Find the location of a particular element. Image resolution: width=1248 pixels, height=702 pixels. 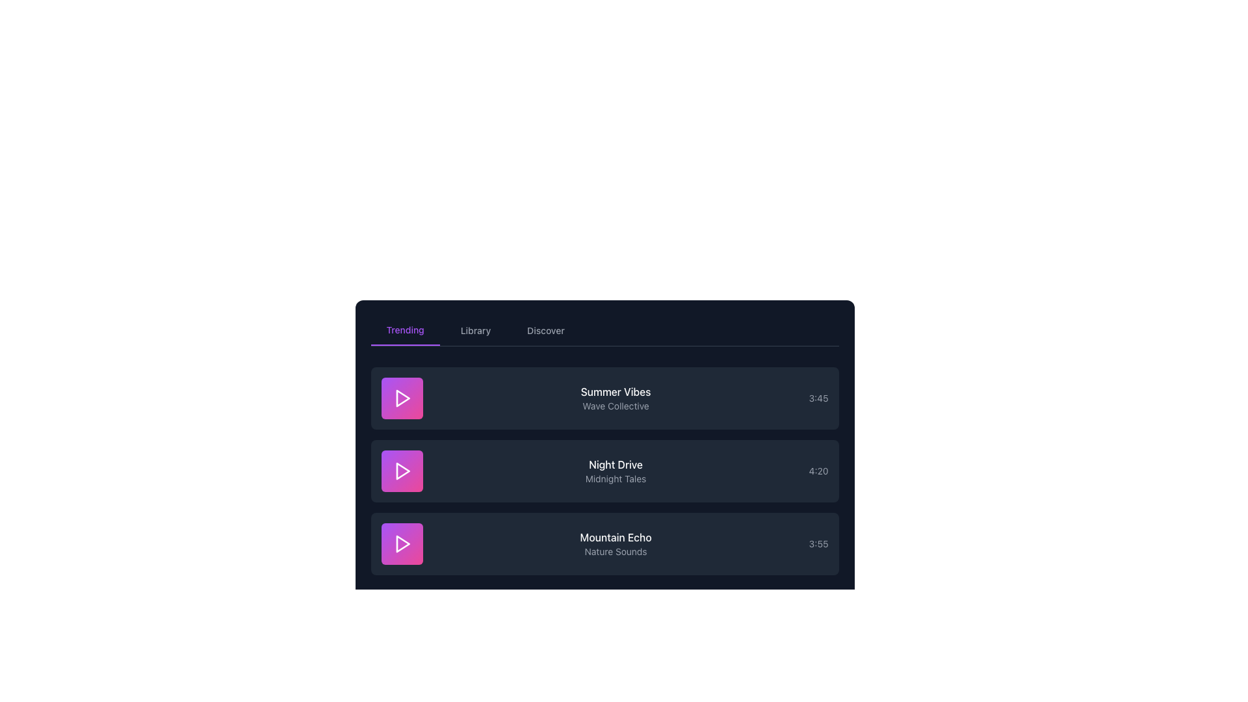

the 'Summer Vibes' text label, which features a bold white title and a gray subtitle is located at coordinates (615, 398).